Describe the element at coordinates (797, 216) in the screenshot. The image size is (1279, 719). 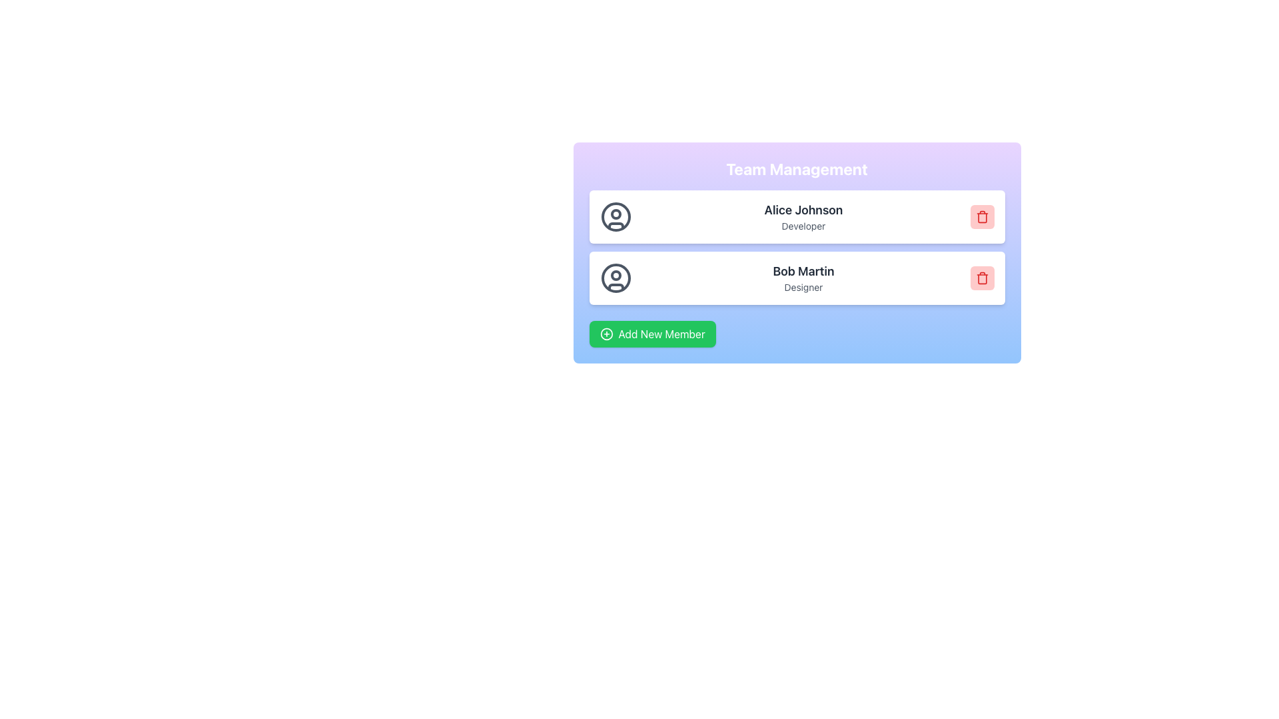
I see `the name or designation of the team member represented in the Profile card within the 'Team Management' interface for more details` at that location.